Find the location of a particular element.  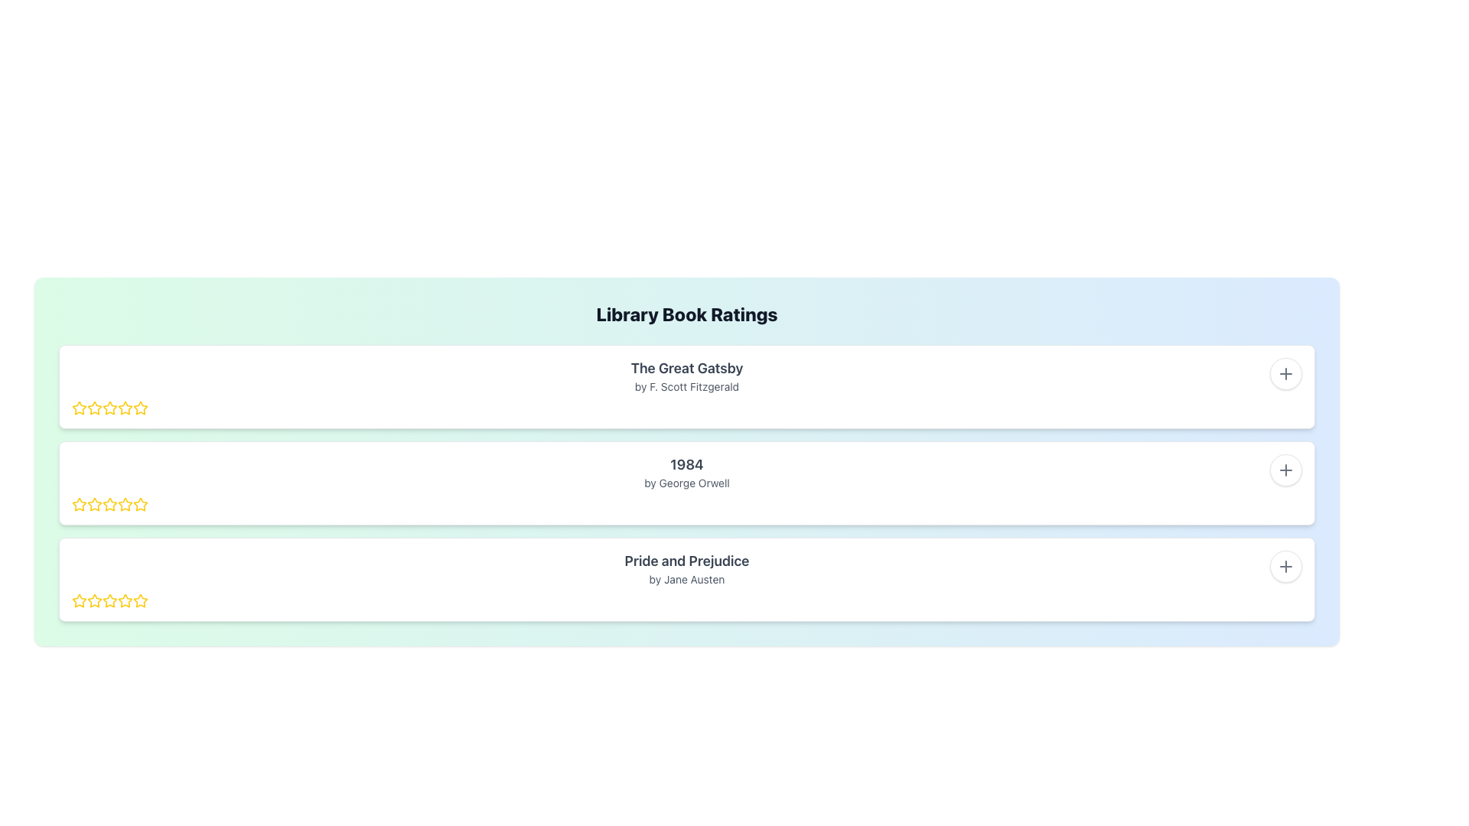

text label displaying the book title '1984' which is positioned above the subtitle 'by George Orwell' is located at coordinates (686, 464).